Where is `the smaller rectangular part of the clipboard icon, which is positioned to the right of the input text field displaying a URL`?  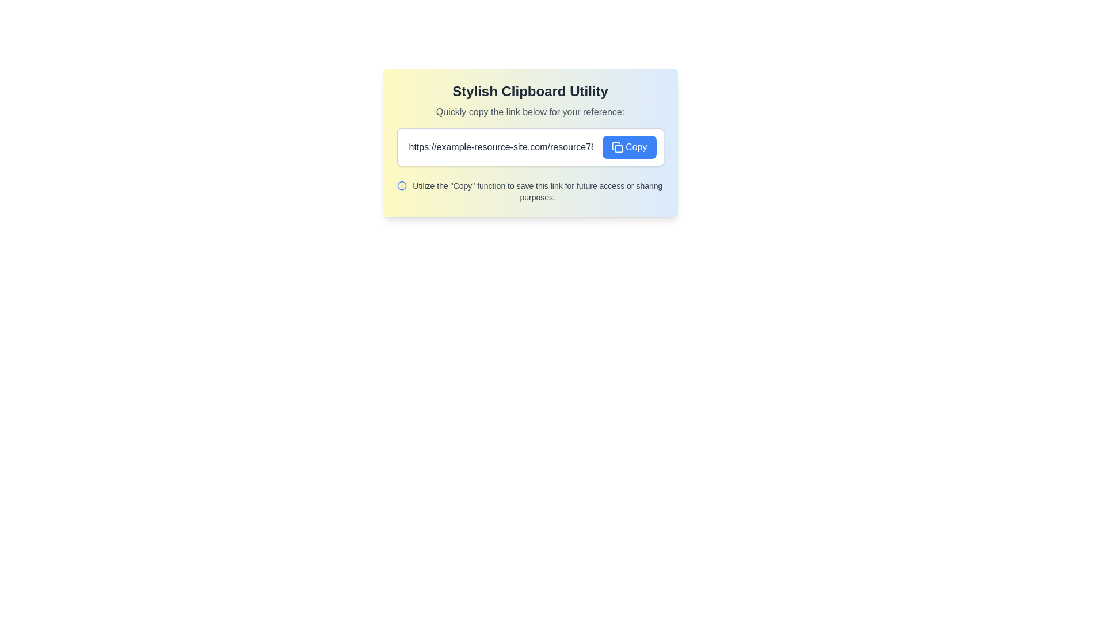 the smaller rectangular part of the clipboard icon, which is positioned to the right of the input text field displaying a URL is located at coordinates (618, 148).